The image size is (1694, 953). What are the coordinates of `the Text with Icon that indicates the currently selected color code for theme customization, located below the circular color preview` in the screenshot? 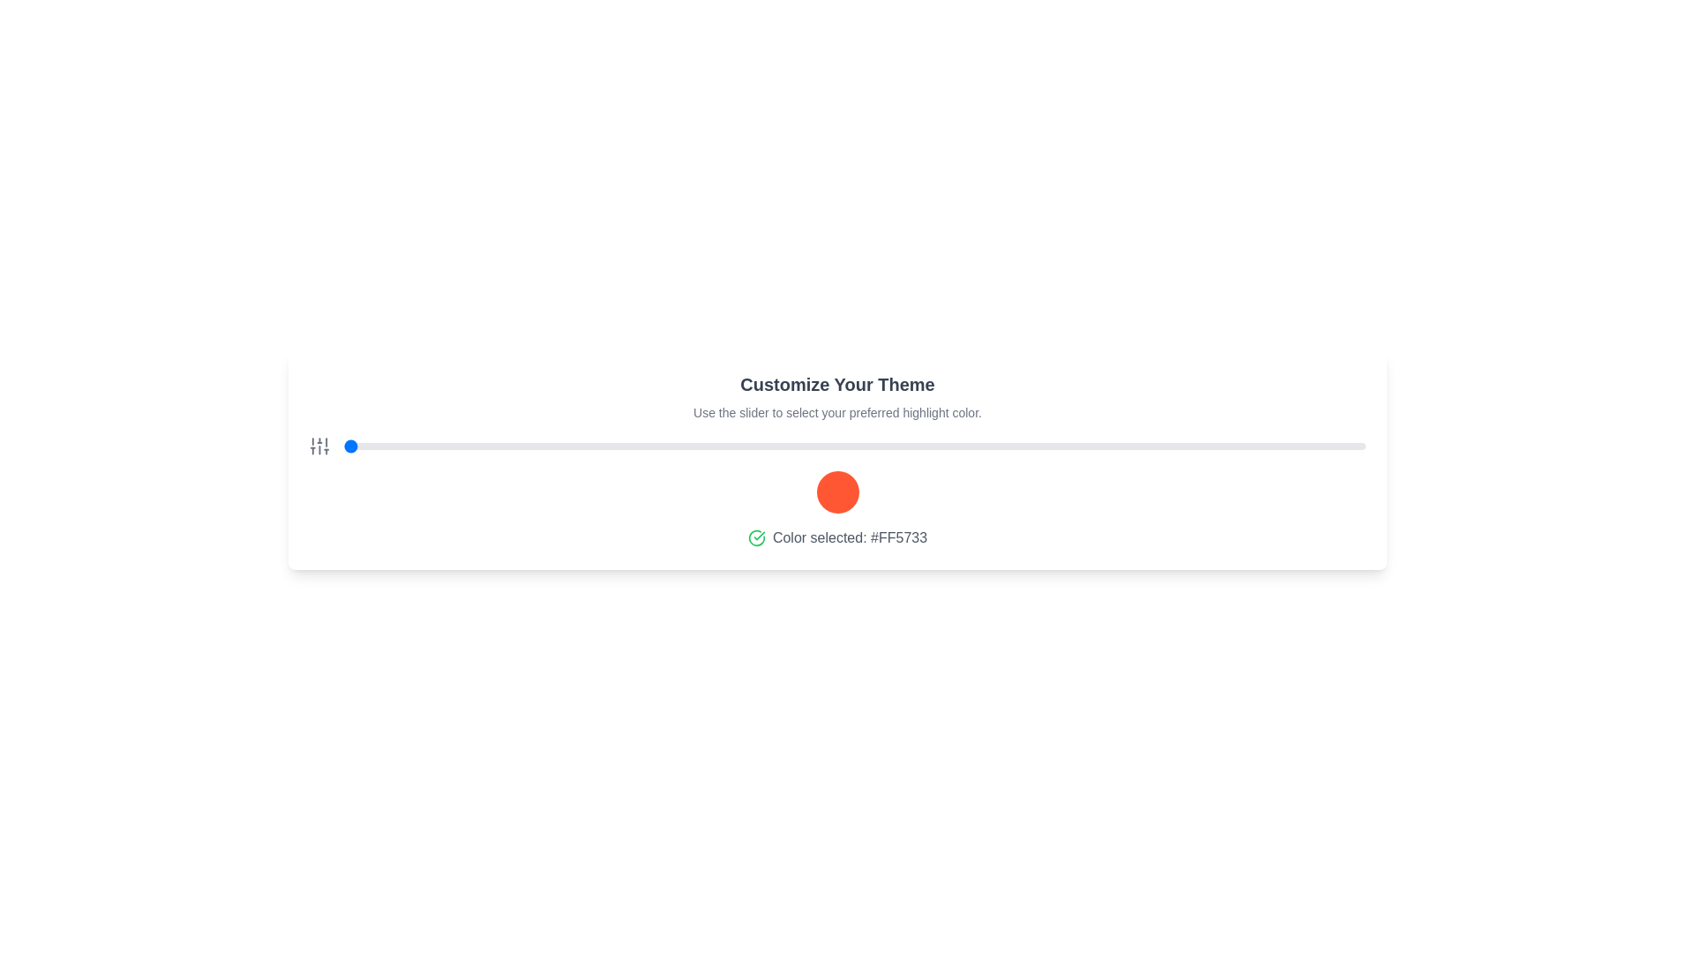 It's located at (836, 537).